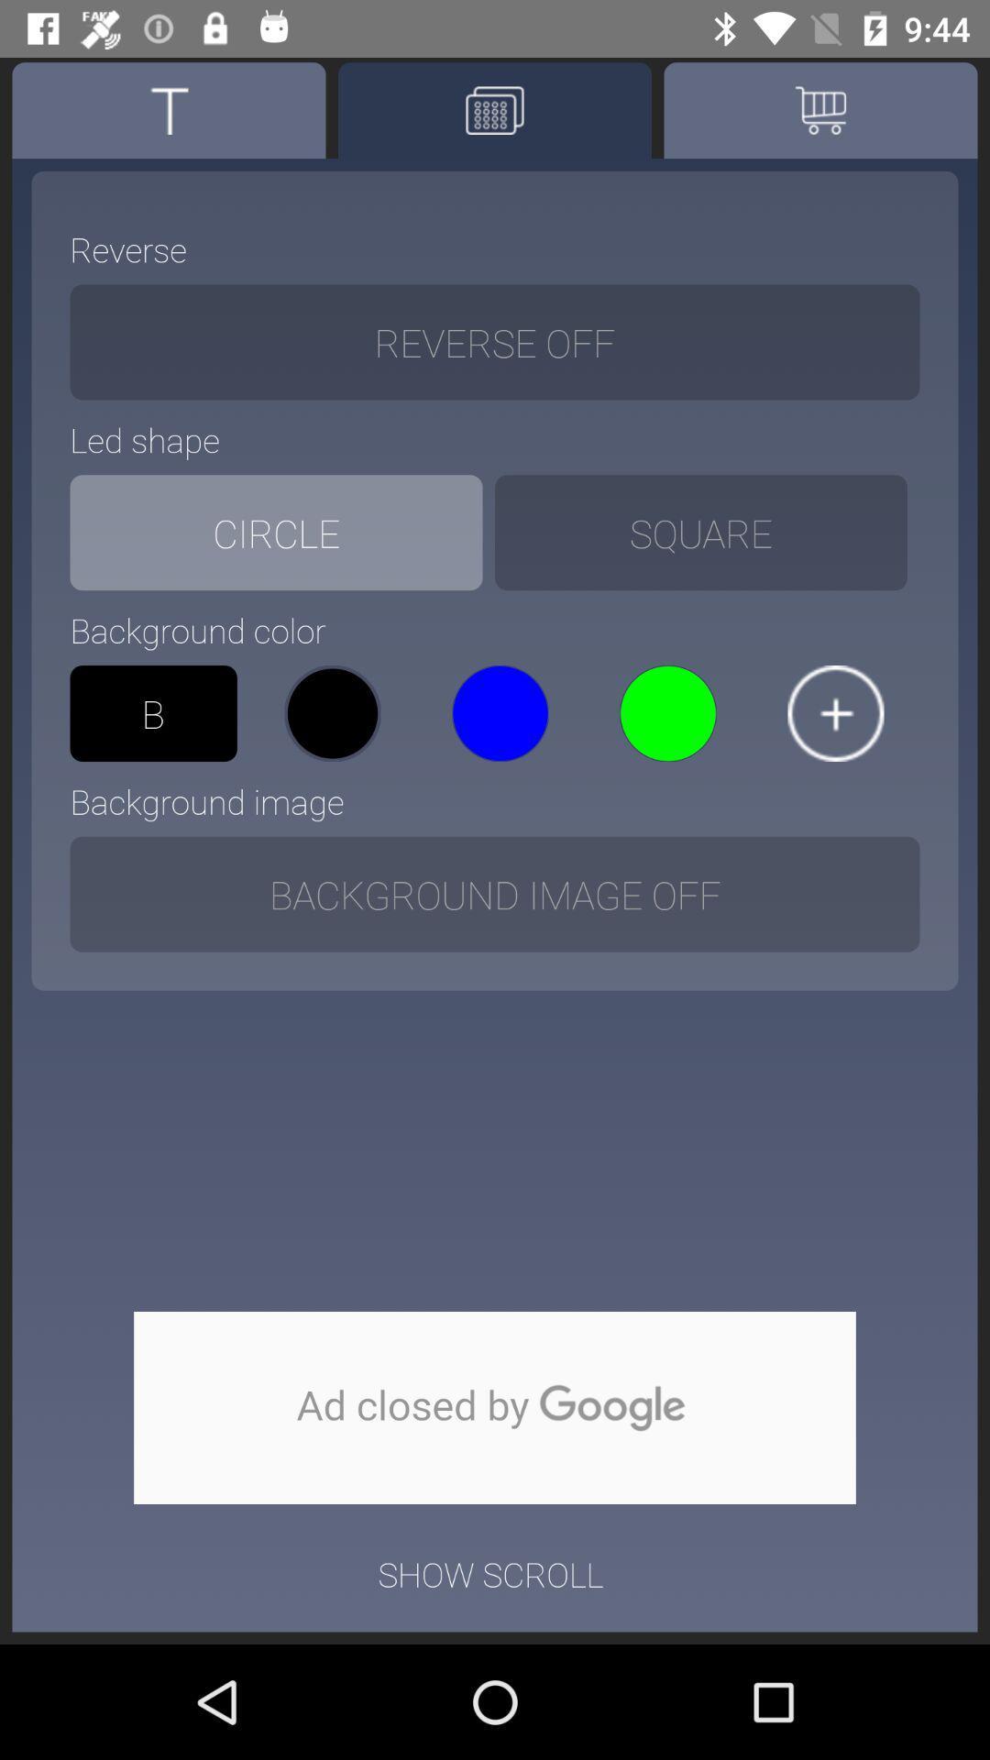 The height and width of the screenshot is (1760, 990). I want to click on show the advertisement, so click(495, 1407).